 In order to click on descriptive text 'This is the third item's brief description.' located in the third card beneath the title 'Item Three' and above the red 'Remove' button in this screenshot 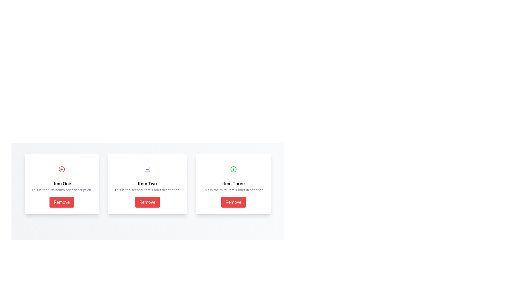, I will do `click(234, 190)`.